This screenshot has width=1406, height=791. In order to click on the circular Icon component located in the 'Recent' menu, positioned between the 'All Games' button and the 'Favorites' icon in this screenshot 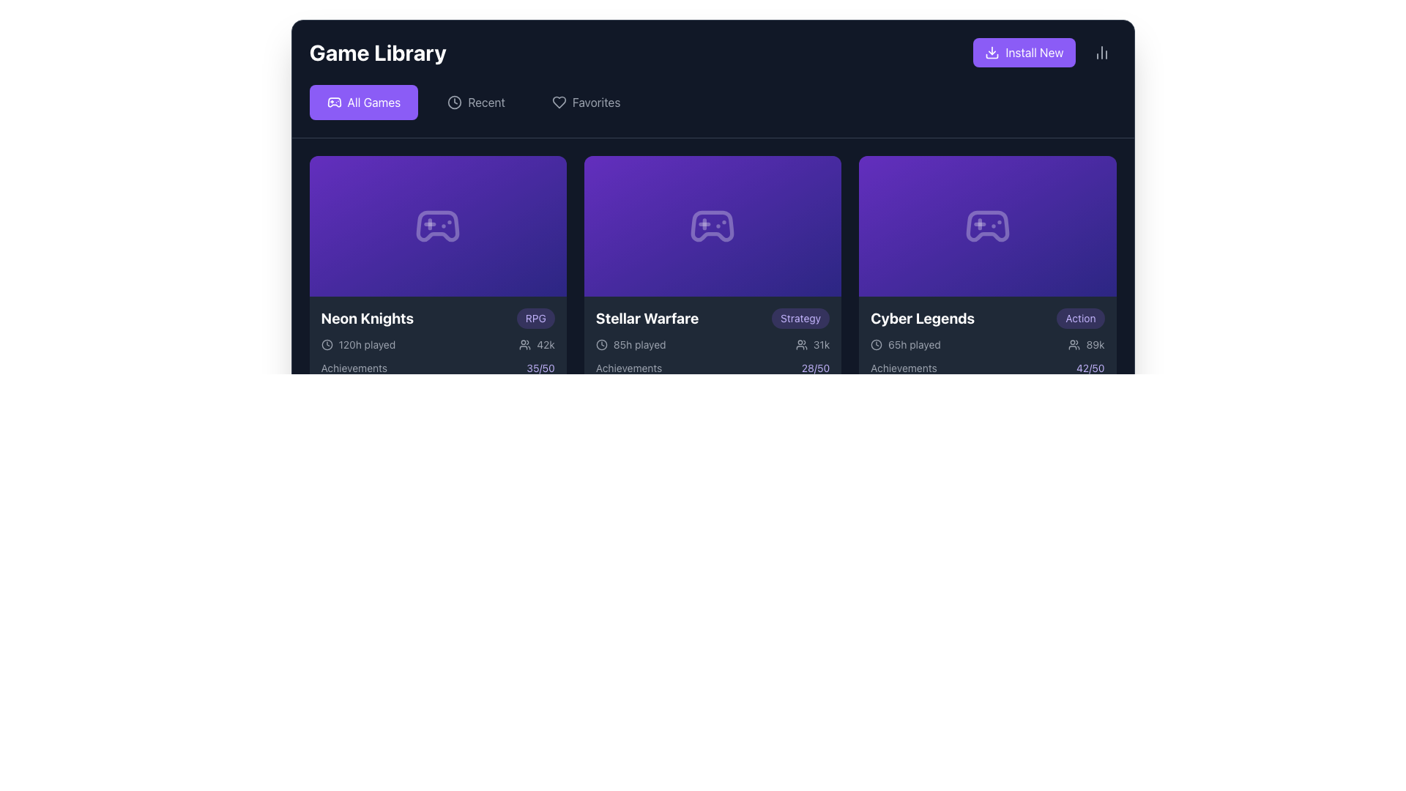, I will do `click(454, 101)`.